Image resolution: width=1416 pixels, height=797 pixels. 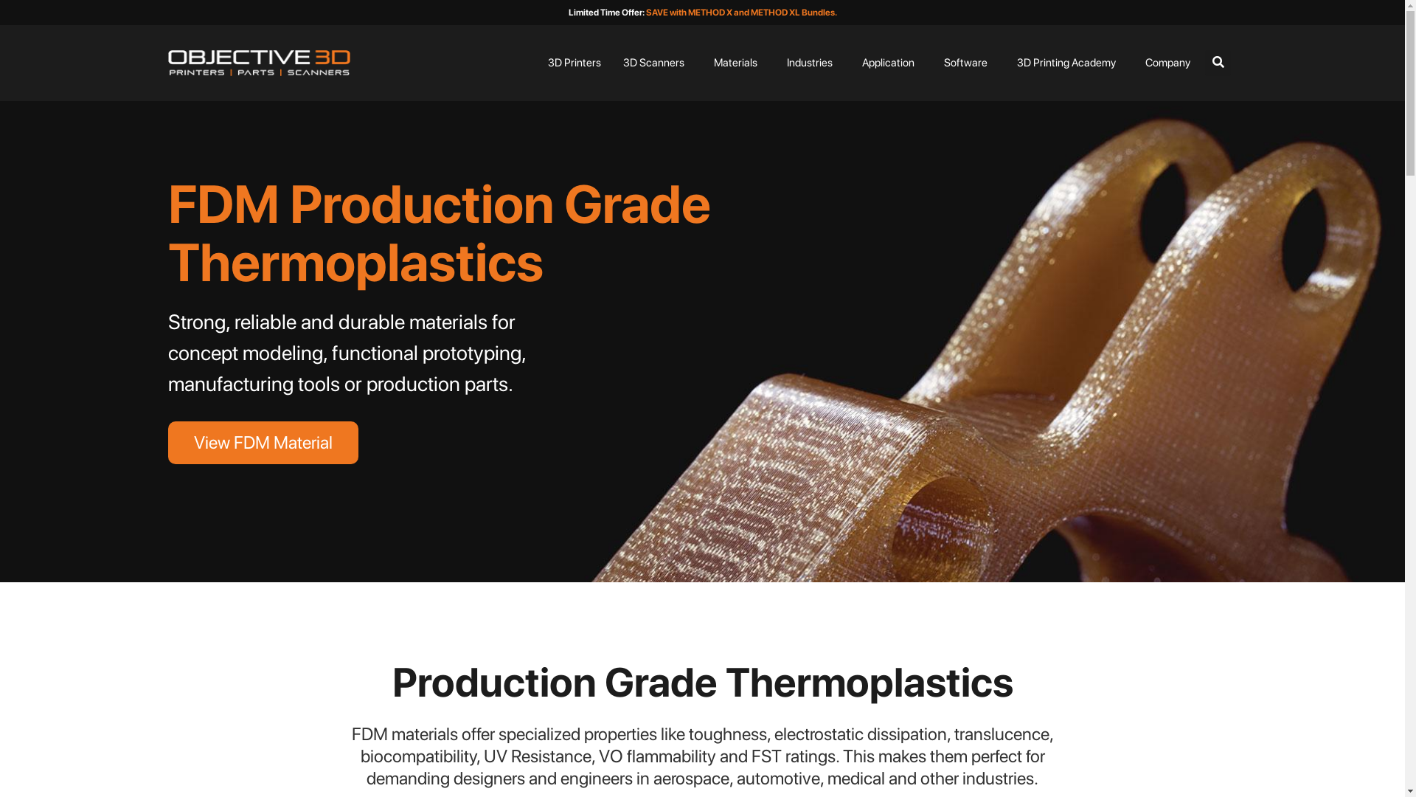 What do you see at coordinates (706, 62) in the screenshot?
I see `'Materials'` at bounding box center [706, 62].